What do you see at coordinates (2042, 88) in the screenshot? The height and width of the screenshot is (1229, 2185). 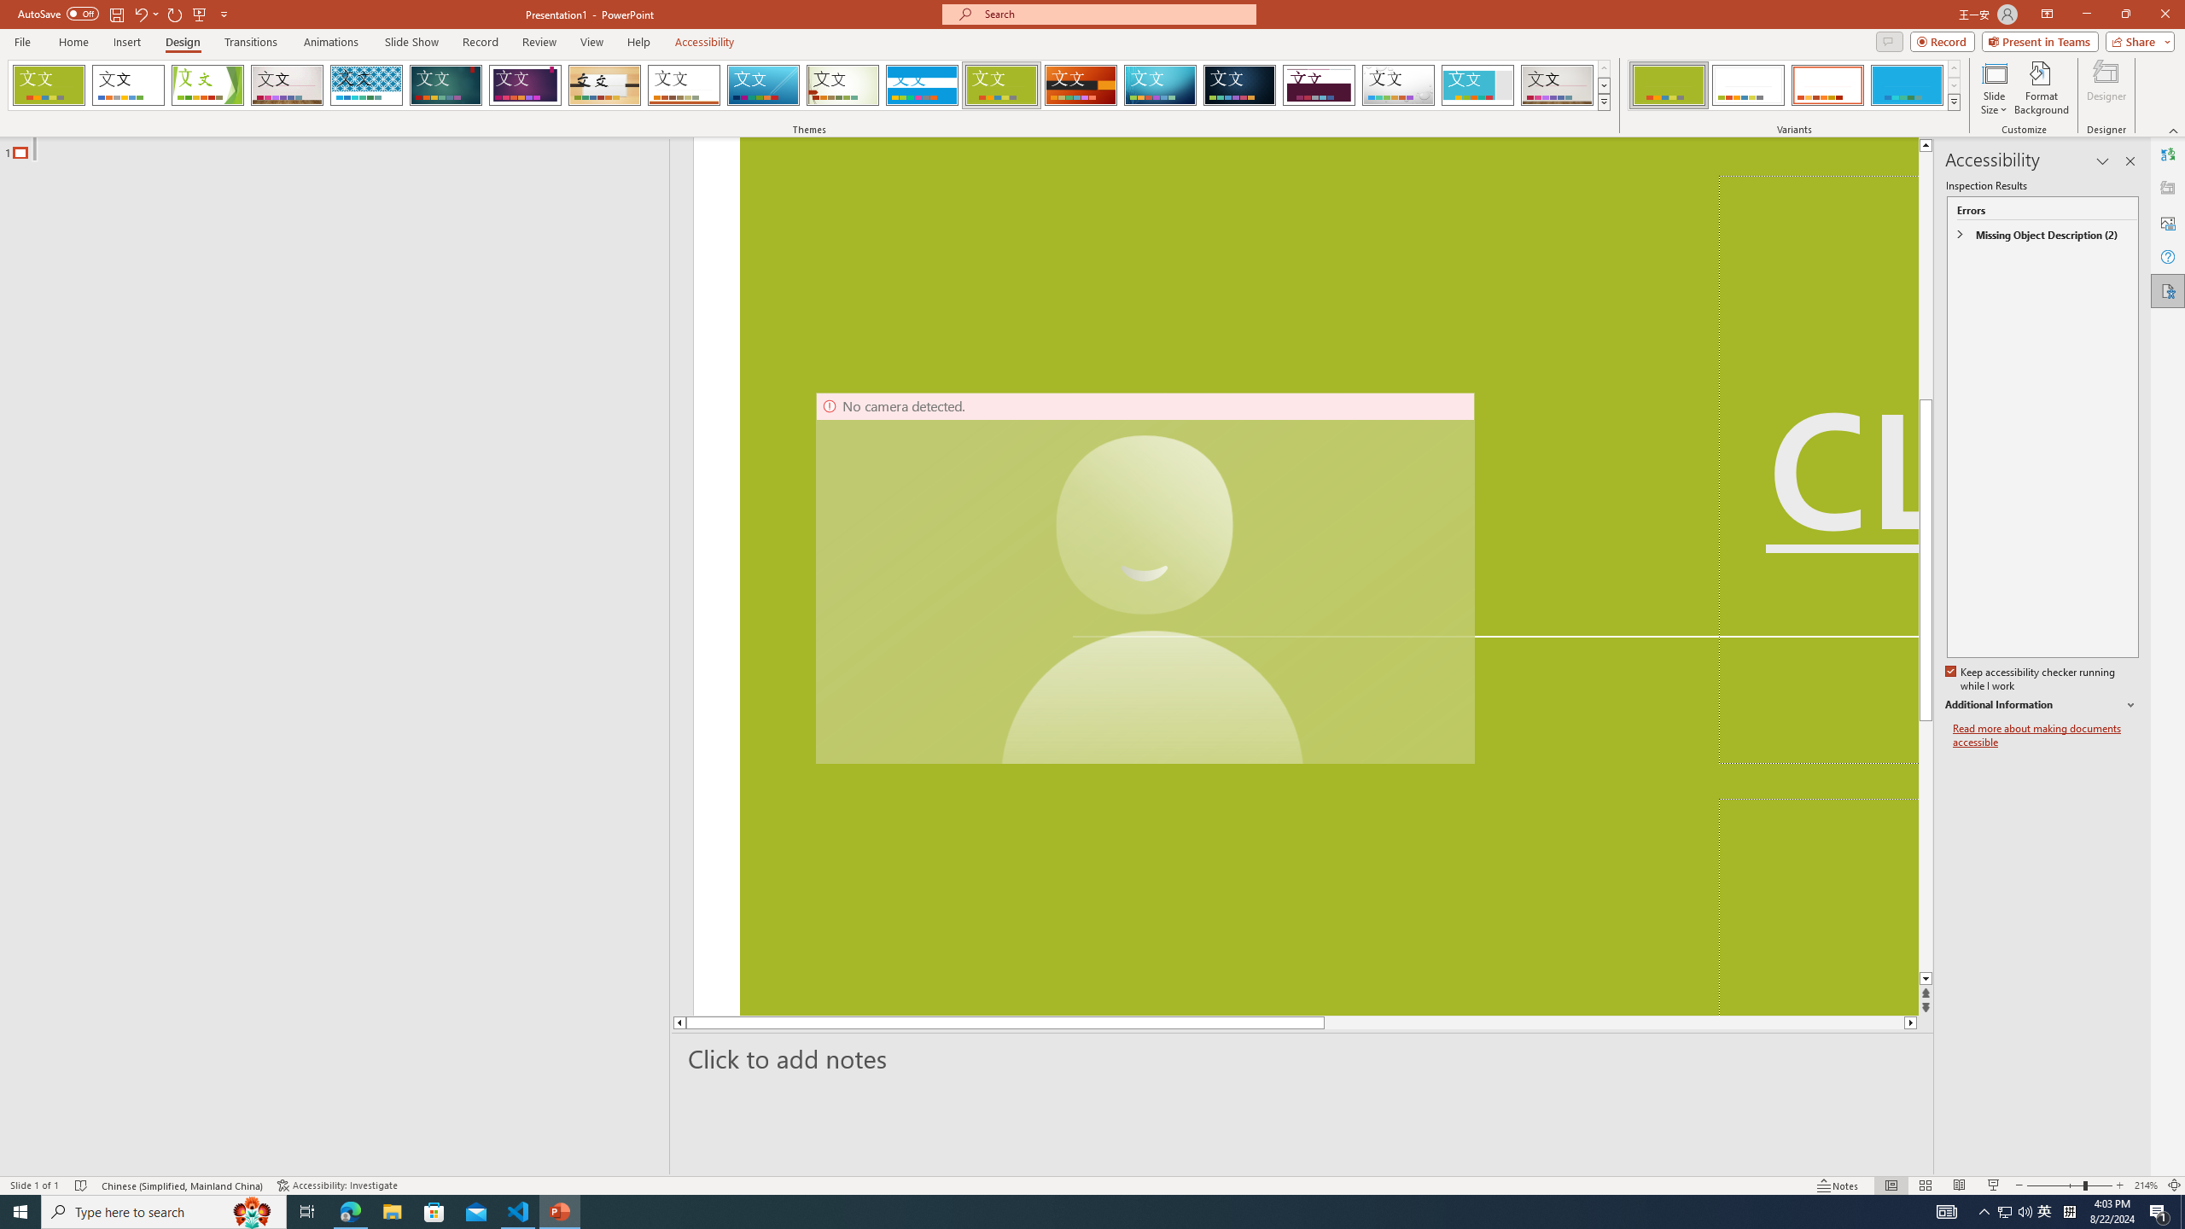 I see `'Format Background'` at bounding box center [2042, 88].